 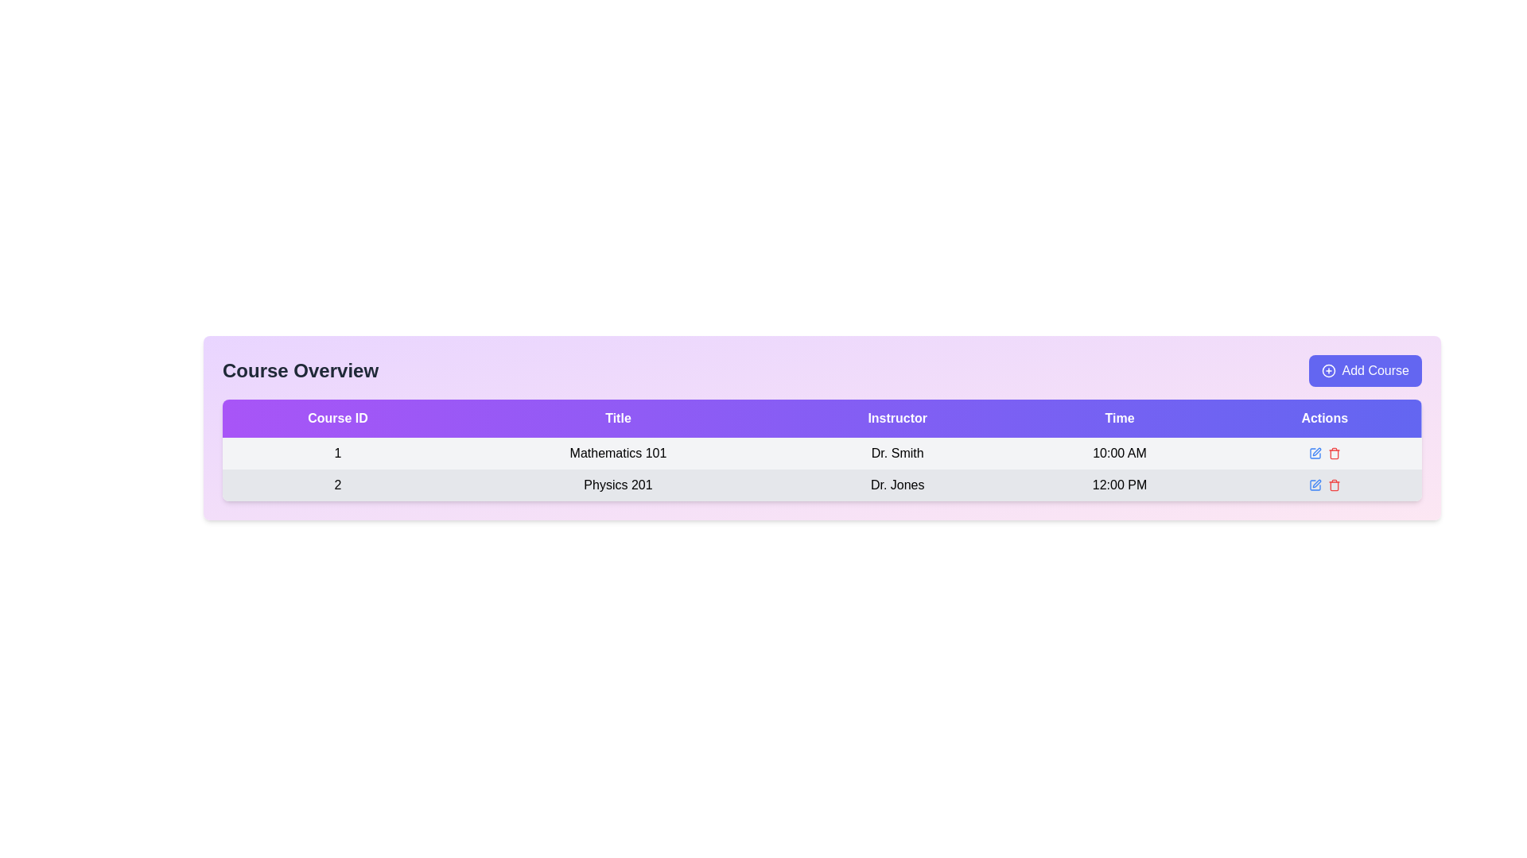 I want to click on the 'edit' icon button in the 'Actions' column for the course 'Mathematics 101', so click(x=1316, y=452).